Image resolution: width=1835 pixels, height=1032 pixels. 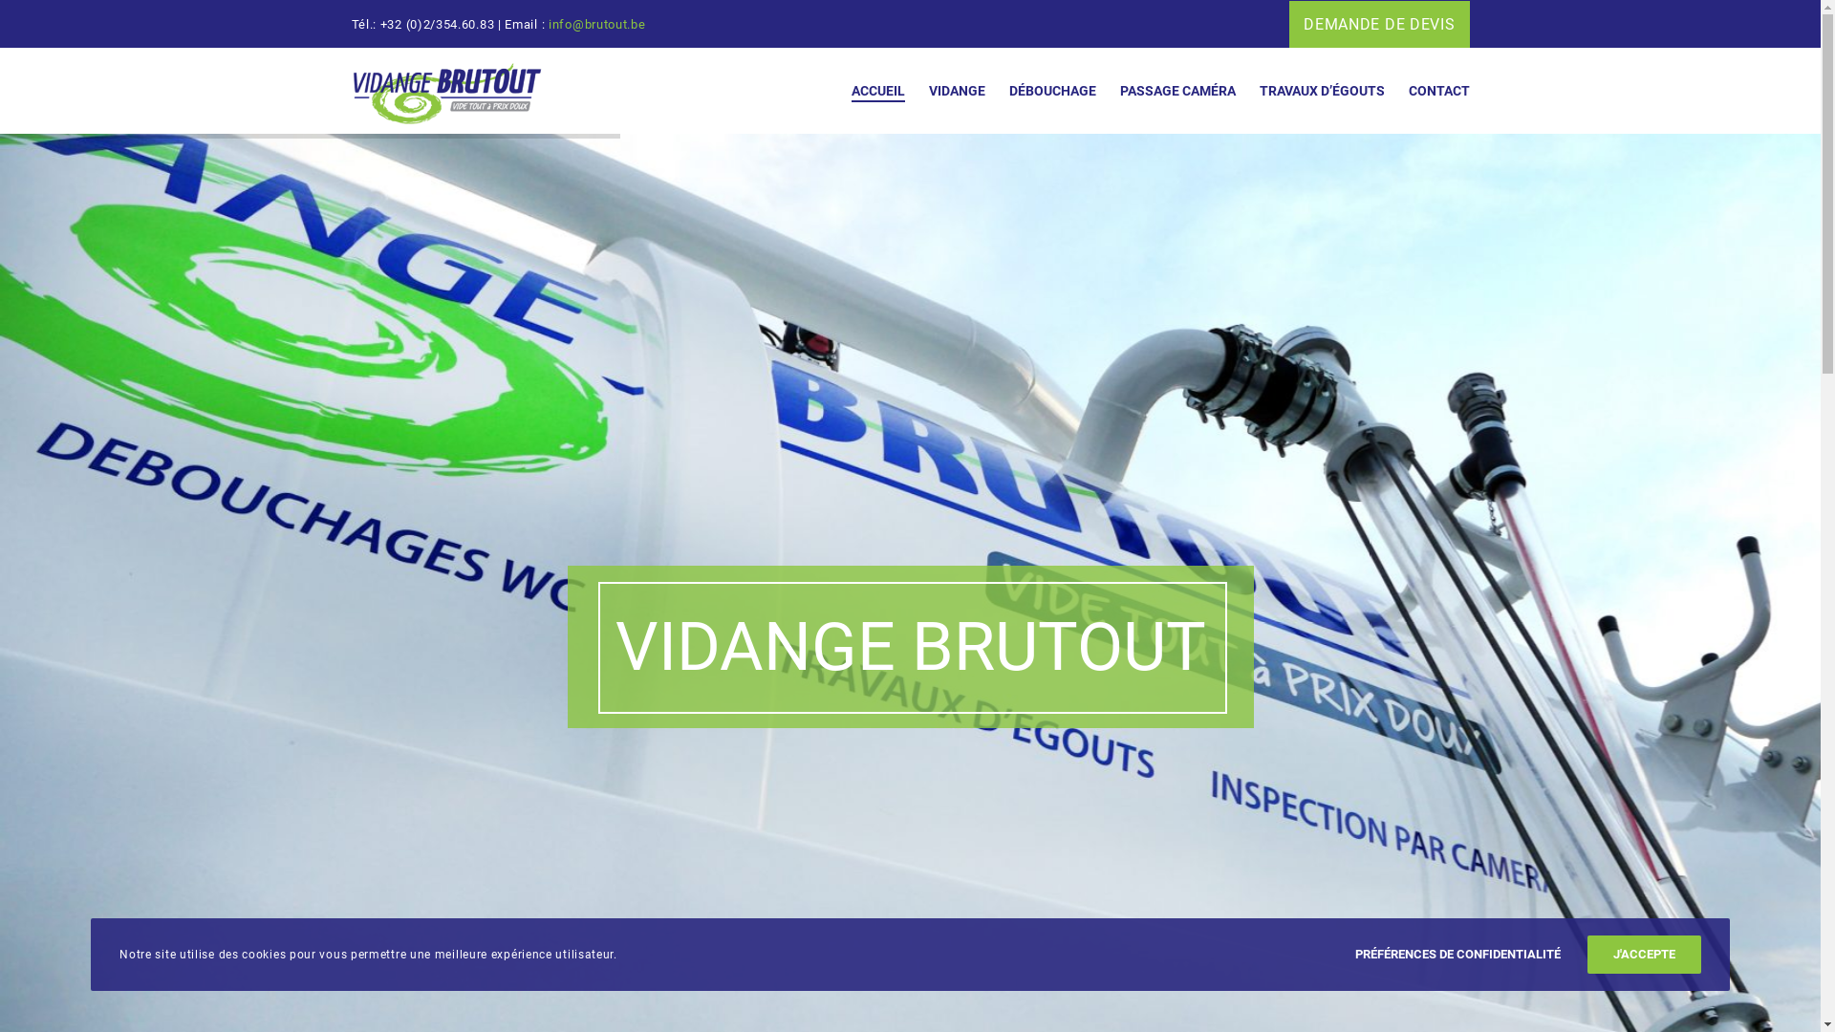 What do you see at coordinates (1587, 955) in the screenshot?
I see `'J'ACCEPTE'` at bounding box center [1587, 955].